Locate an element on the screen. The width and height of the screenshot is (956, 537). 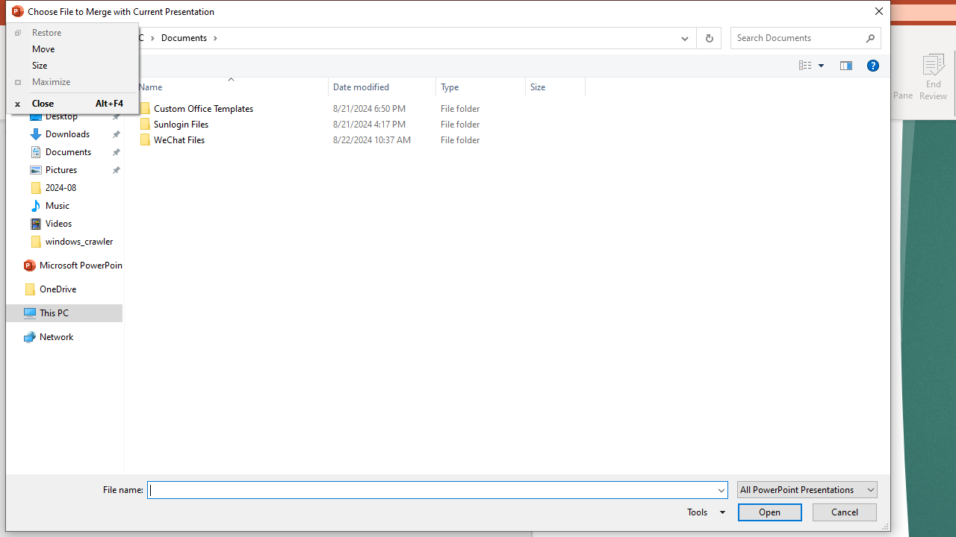
'End Review' is located at coordinates (932, 77).